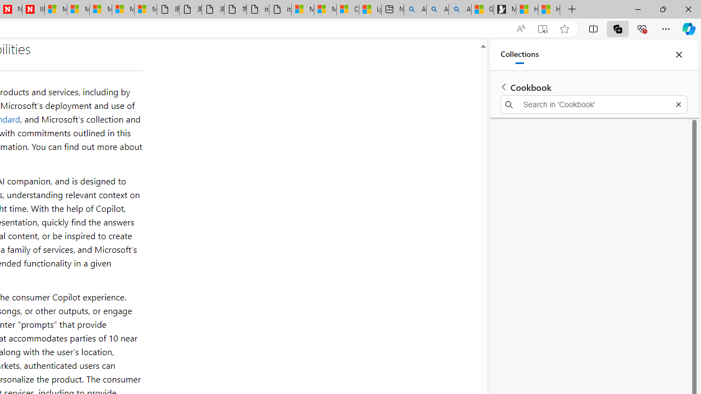  What do you see at coordinates (593, 105) in the screenshot?
I see `'Search in '` at bounding box center [593, 105].